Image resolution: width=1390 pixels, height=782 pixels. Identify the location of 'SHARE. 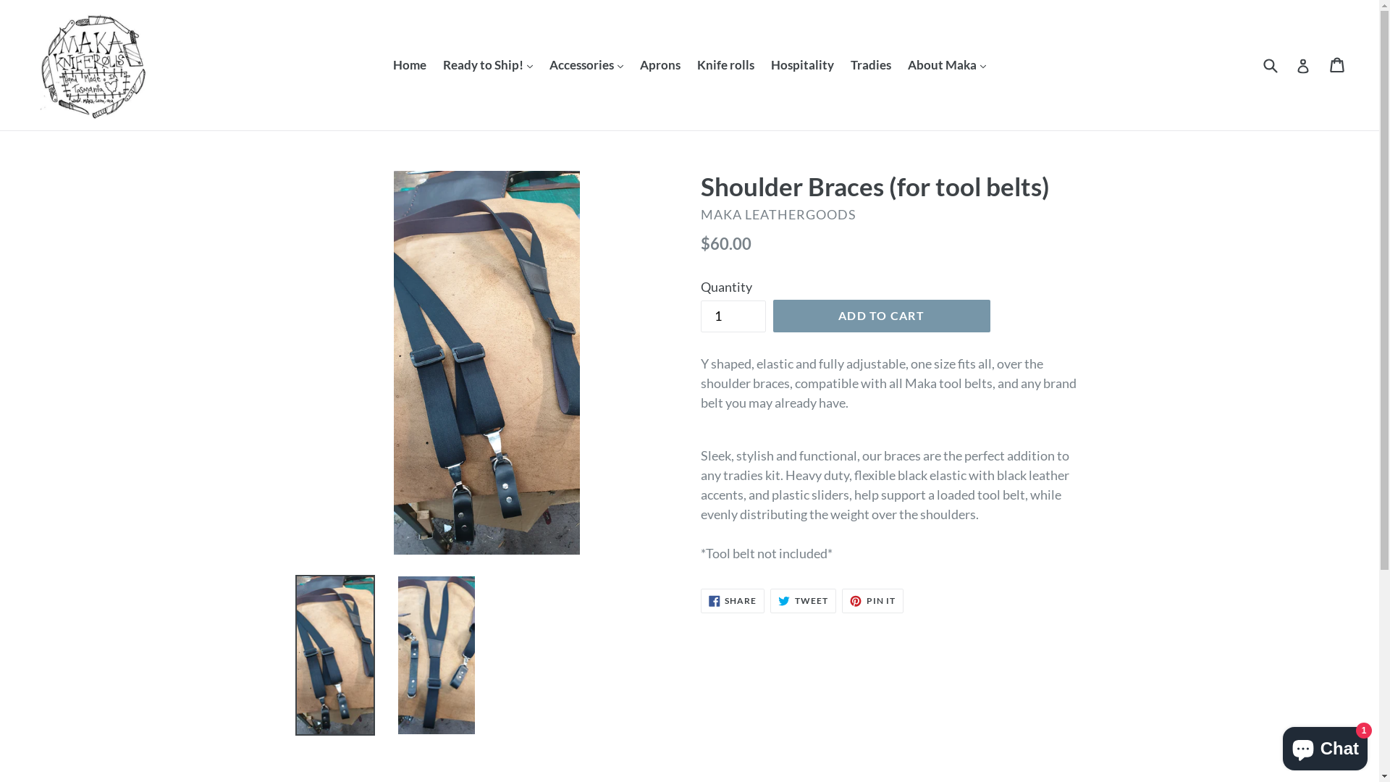
(733, 600).